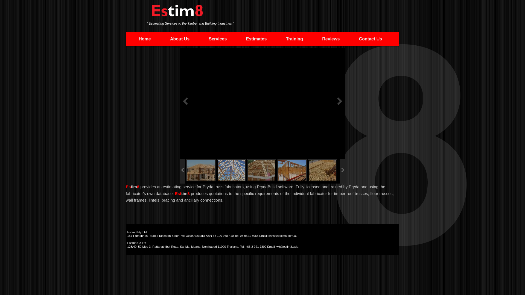 Image resolution: width=525 pixels, height=295 pixels. I want to click on 'Services', so click(199, 39).